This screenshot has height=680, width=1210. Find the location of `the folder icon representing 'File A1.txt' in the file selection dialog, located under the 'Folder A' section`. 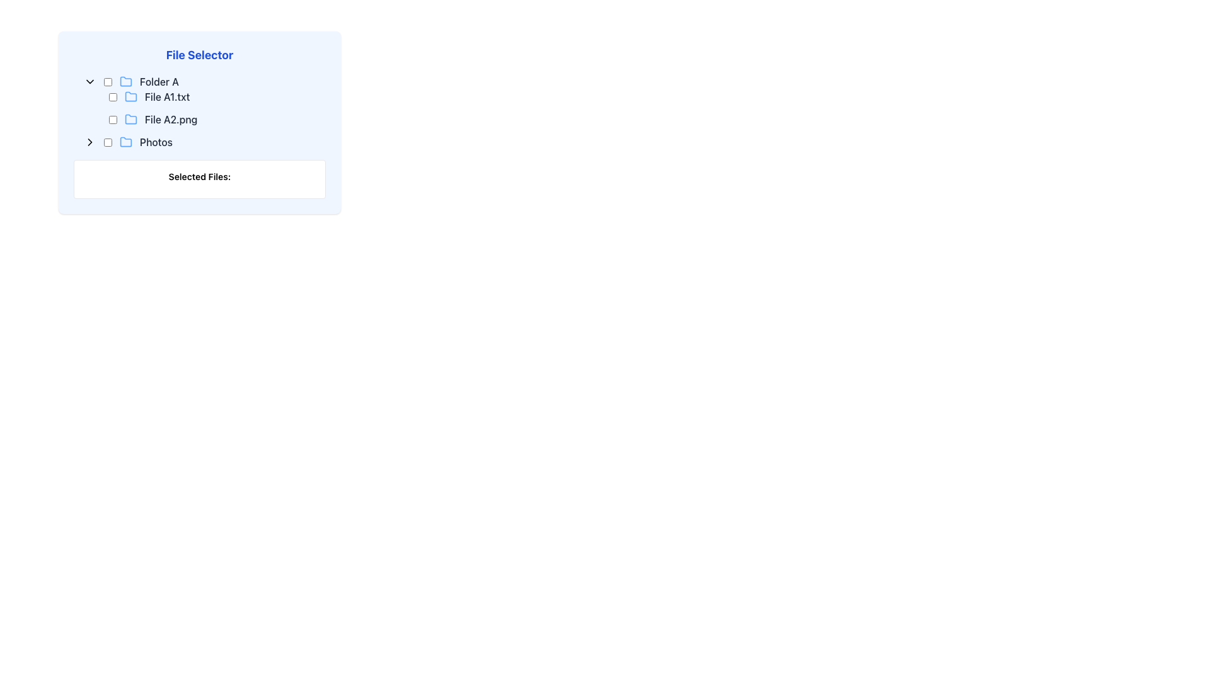

the folder icon representing 'File A1.txt' in the file selection dialog, located under the 'Folder A' section is located at coordinates (130, 96).